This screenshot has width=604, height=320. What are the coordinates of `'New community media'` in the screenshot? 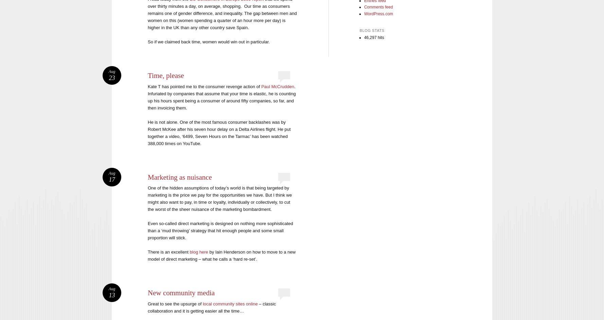 It's located at (148, 293).